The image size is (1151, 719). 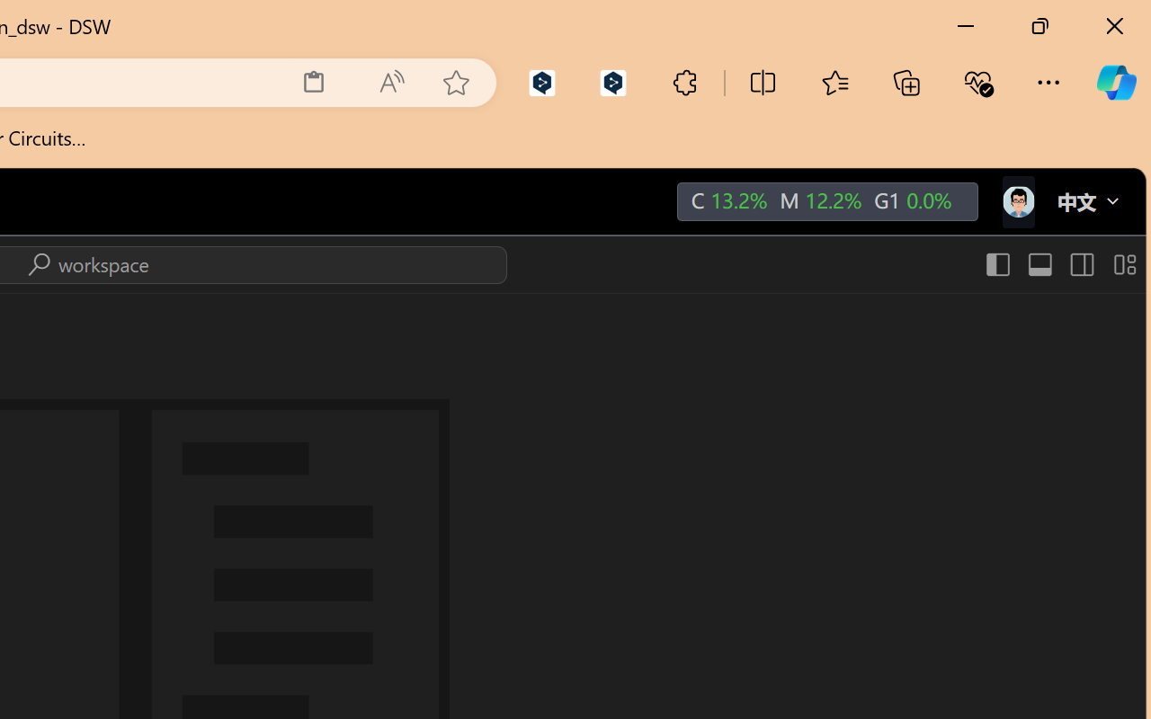 What do you see at coordinates (1079, 264) in the screenshot?
I see `'Toggle Secondary Side Bar (Ctrl+Alt+B)'` at bounding box center [1079, 264].